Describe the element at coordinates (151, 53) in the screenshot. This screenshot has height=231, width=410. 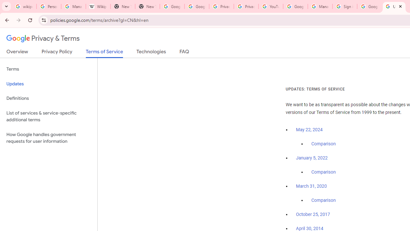
I see `'Technologies'` at that location.